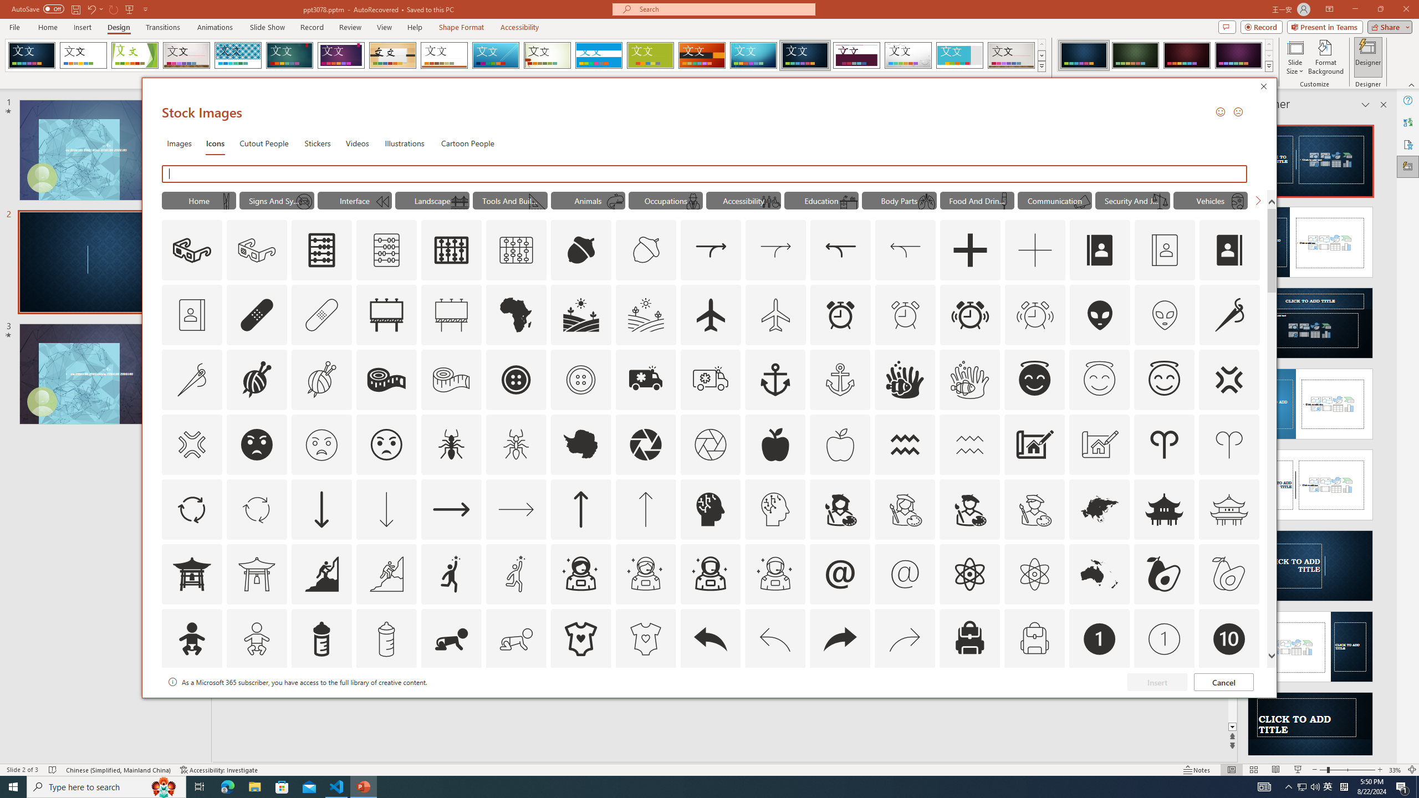  I want to click on 'AutomationID: Icons_3dGlasses', so click(192, 250).